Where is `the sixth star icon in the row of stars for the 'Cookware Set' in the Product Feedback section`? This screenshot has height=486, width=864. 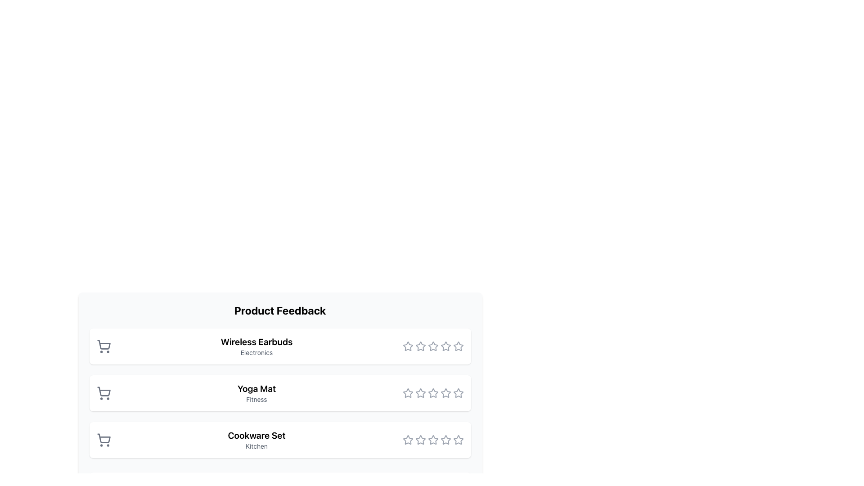
the sixth star icon in the row of stars for the 'Cookware Set' in the Product Feedback section is located at coordinates (445, 440).